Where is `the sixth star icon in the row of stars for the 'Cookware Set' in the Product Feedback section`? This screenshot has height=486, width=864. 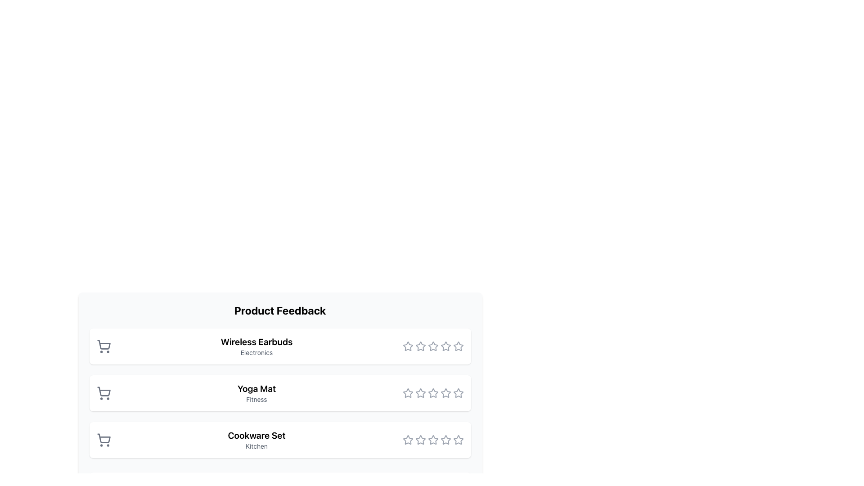
the sixth star icon in the row of stars for the 'Cookware Set' in the Product Feedback section is located at coordinates (445, 440).